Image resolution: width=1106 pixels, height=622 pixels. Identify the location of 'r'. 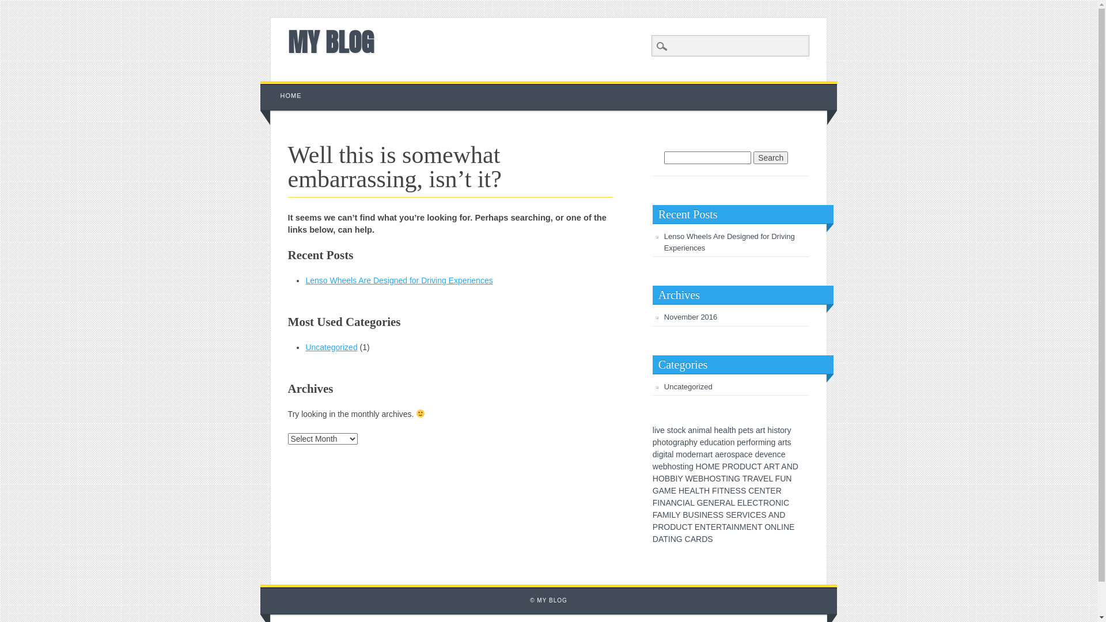
(679, 441).